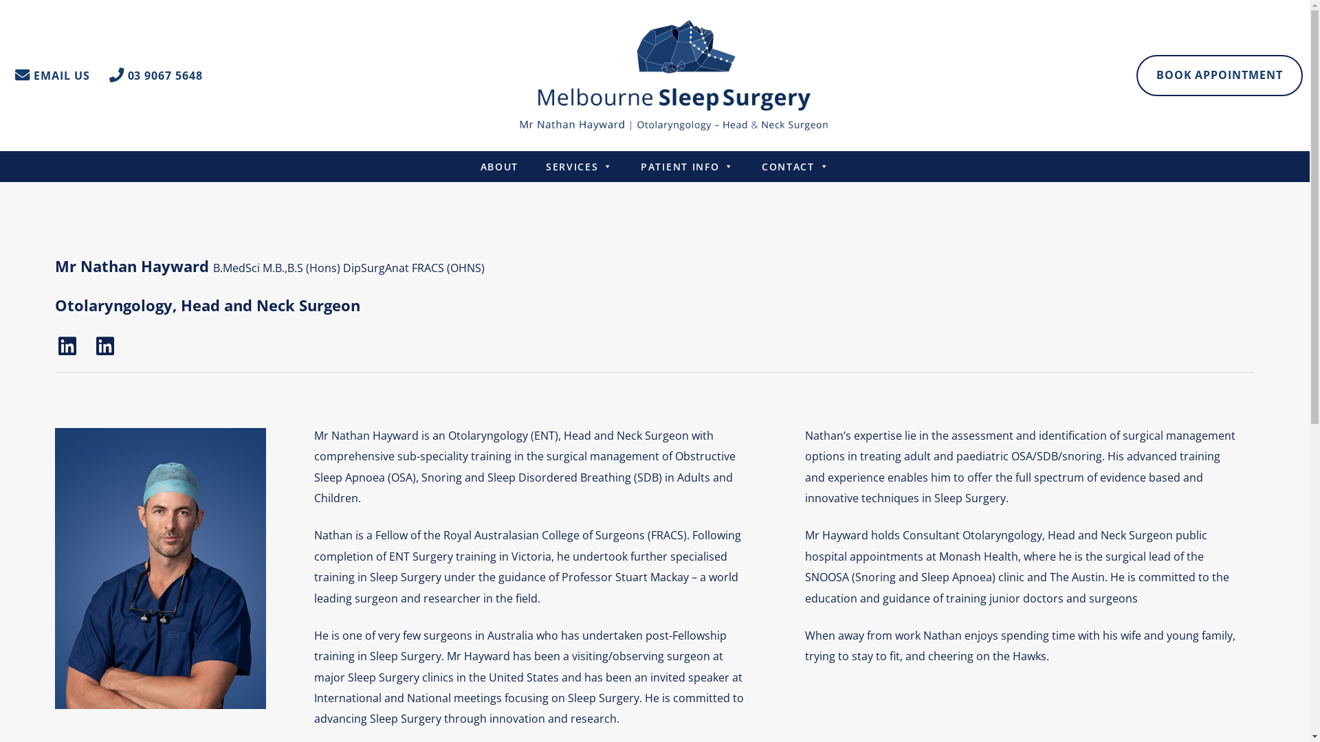 The image size is (1320, 742). Describe the element at coordinates (66, 345) in the screenshot. I see `'LinkedIn'` at that location.